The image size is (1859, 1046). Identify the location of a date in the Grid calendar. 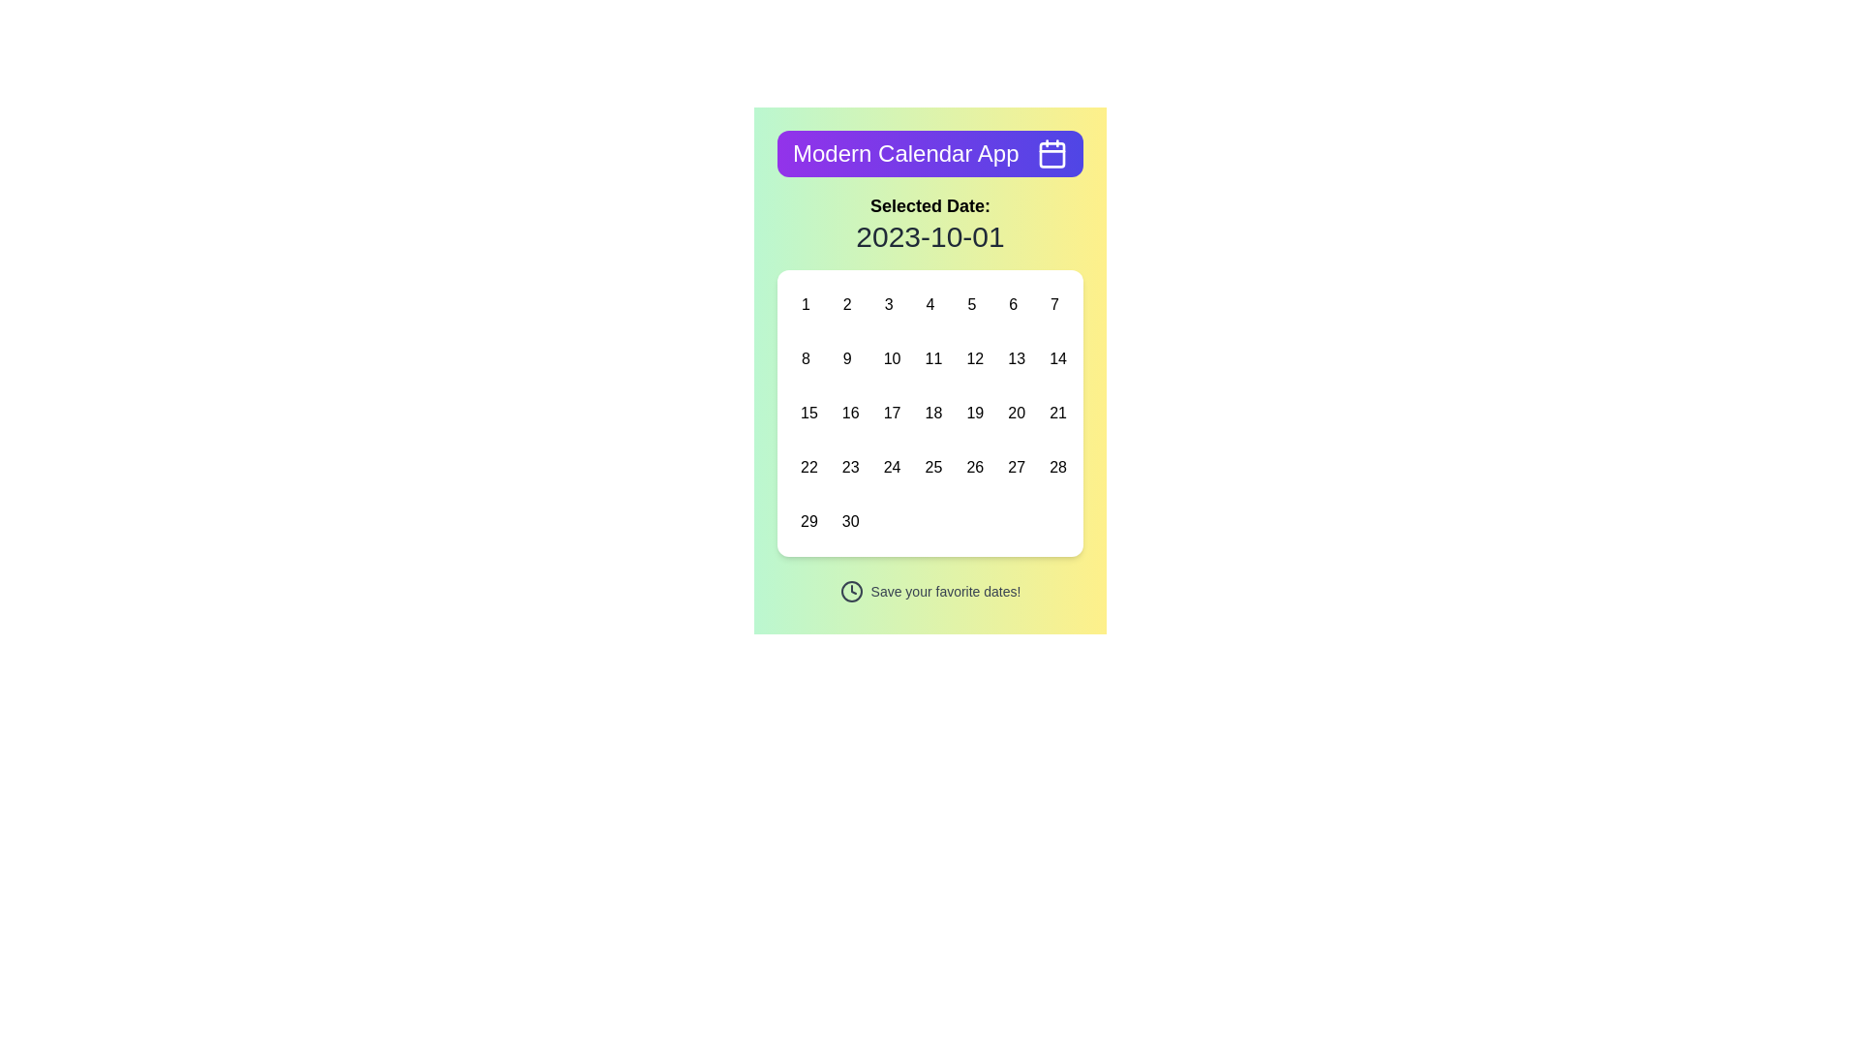
(929, 413).